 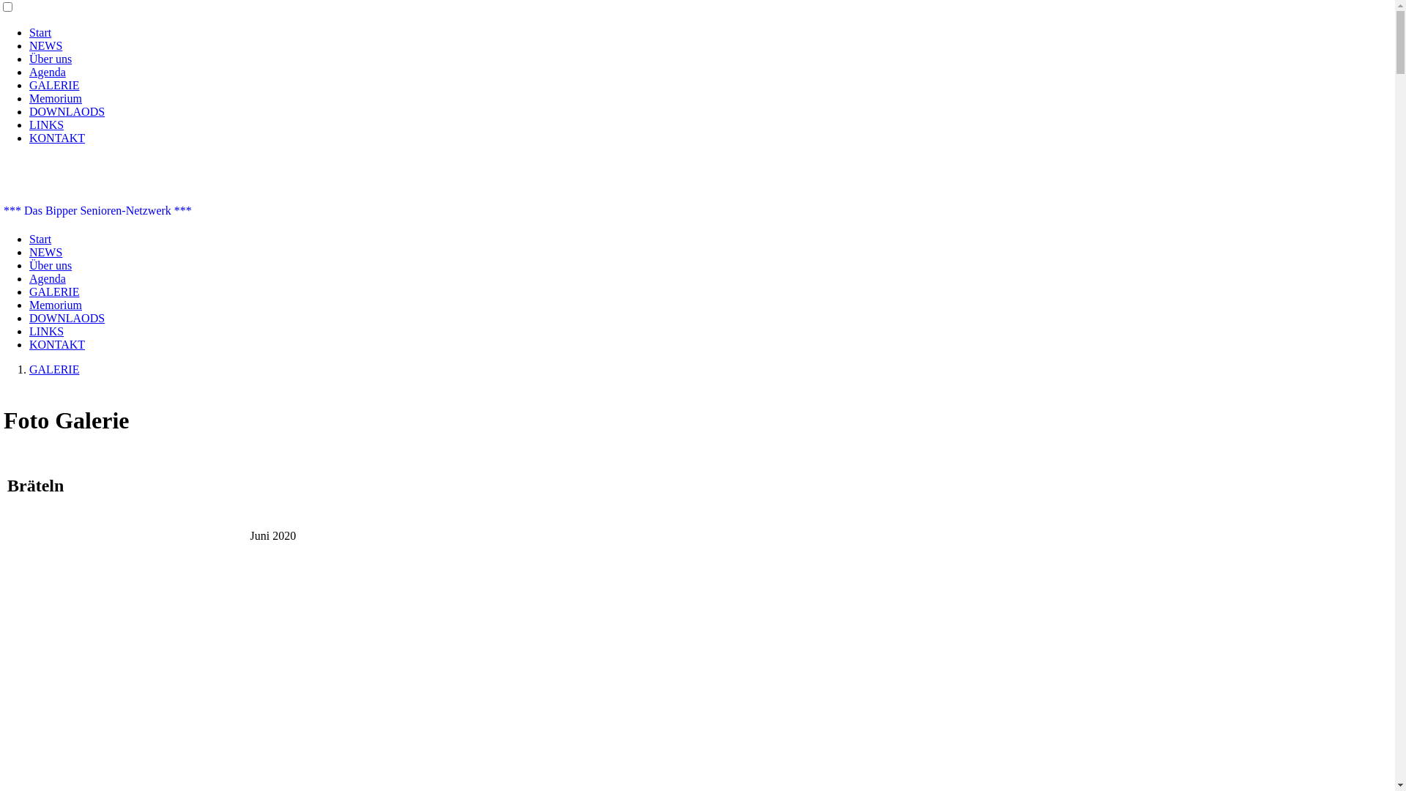 I want to click on 'GALERIE', so click(x=29, y=85).